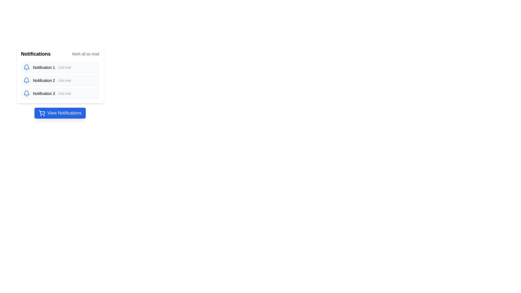 The width and height of the screenshot is (521, 293). I want to click on text label displaying 'Notification 1' to understand the notification content, so click(44, 67).